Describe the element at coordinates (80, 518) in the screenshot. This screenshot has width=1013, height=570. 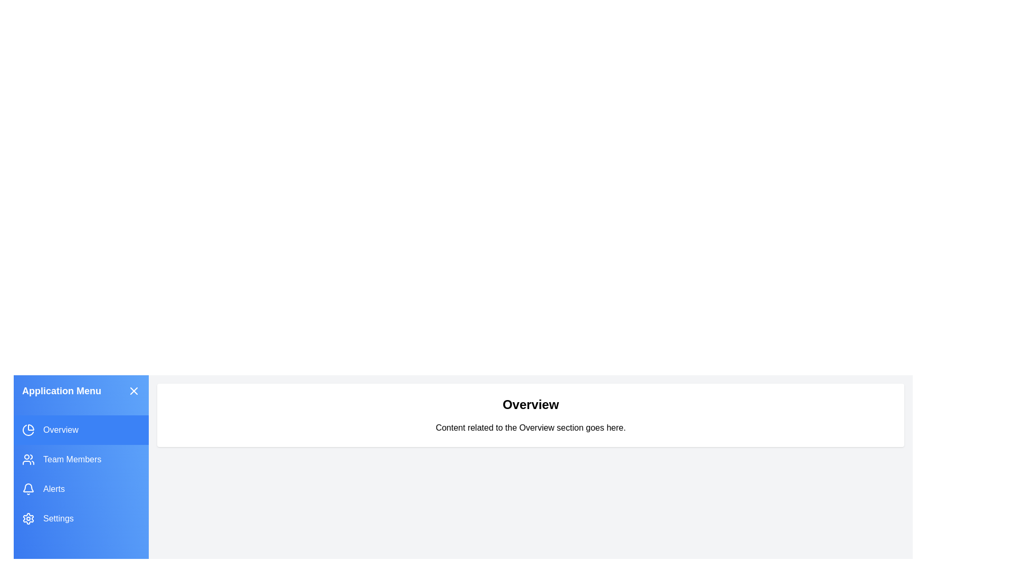
I see `the menu section Settings by clicking on it` at that location.